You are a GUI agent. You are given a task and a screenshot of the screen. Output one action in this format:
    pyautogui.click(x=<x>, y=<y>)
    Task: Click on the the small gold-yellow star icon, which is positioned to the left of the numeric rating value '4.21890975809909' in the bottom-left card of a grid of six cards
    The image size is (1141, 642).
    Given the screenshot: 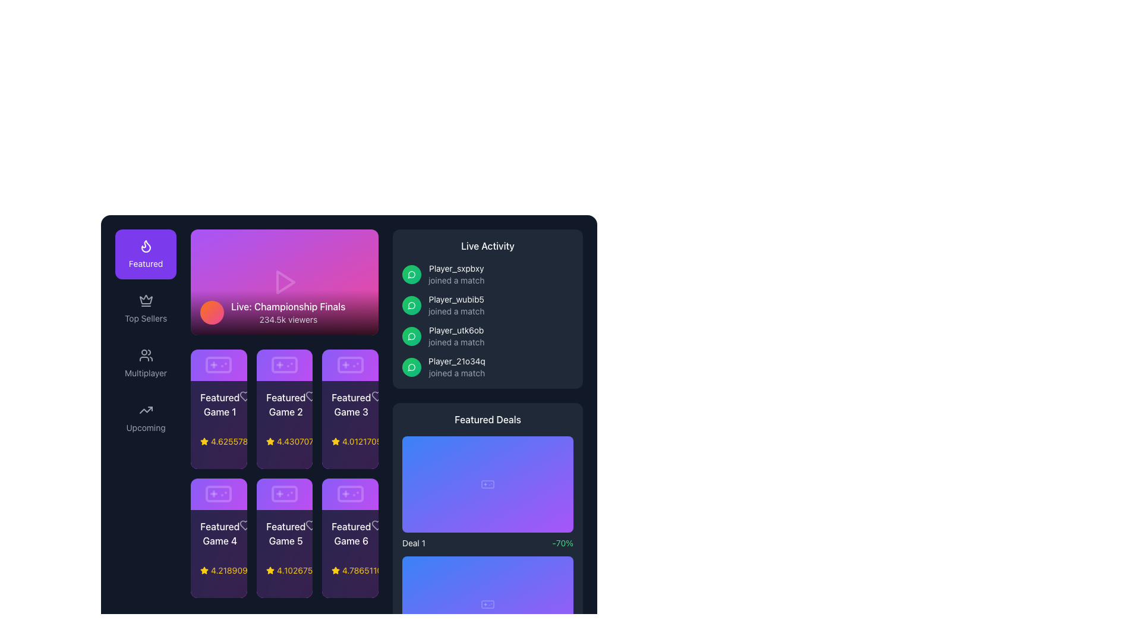 What is the action you would take?
    pyautogui.click(x=204, y=570)
    